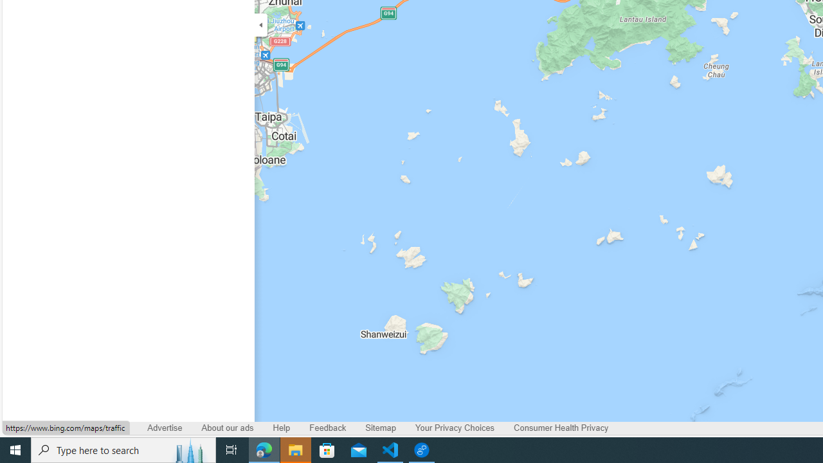 The width and height of the screenshot is (823, 463). What do you see at coordinates (164, 428) in the screenshot?
I see `'Advertise'` at bounding box center [164, 428].